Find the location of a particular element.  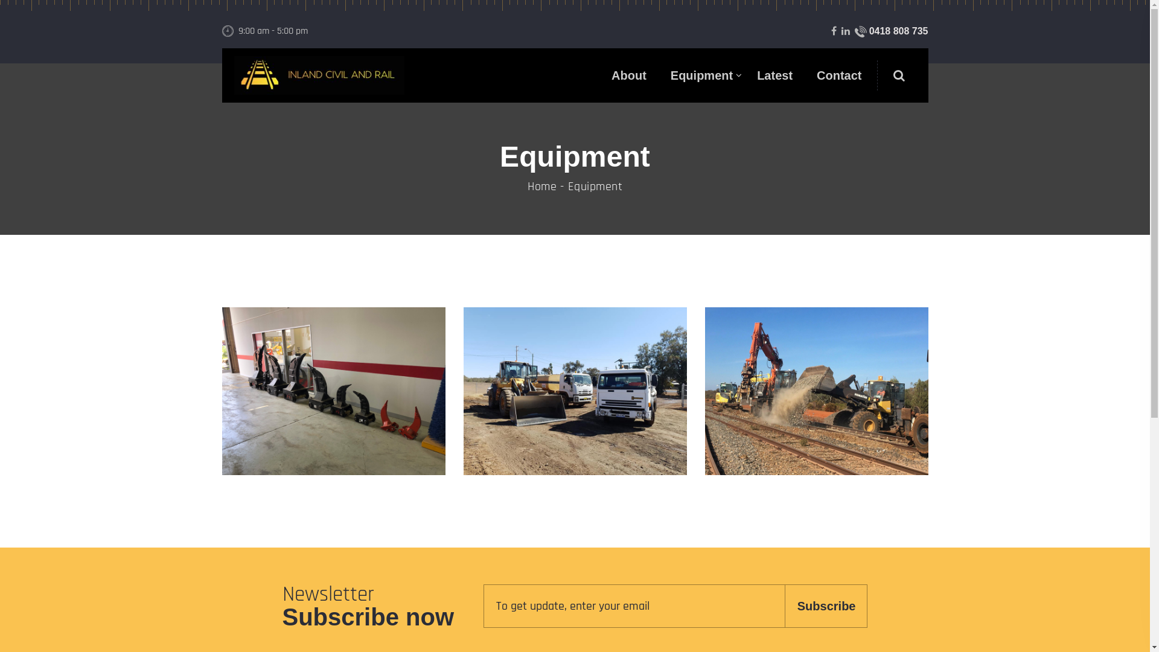

'Equipment' is located at coordinates (701, 75).